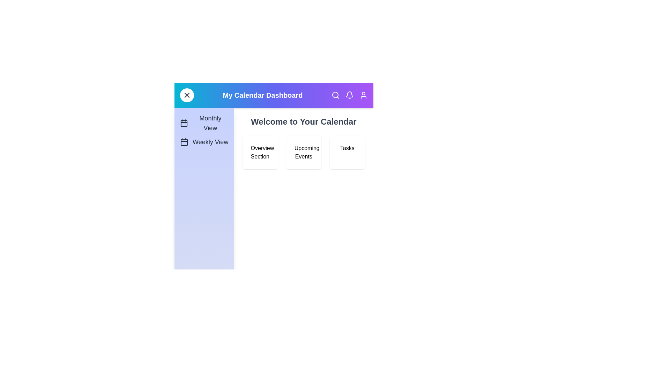  What do you see at coordinates (335, 95) in the screenshot?
I see `the search icon button located in the top right of the purple navigation bar` at bounding box center [335, 95].